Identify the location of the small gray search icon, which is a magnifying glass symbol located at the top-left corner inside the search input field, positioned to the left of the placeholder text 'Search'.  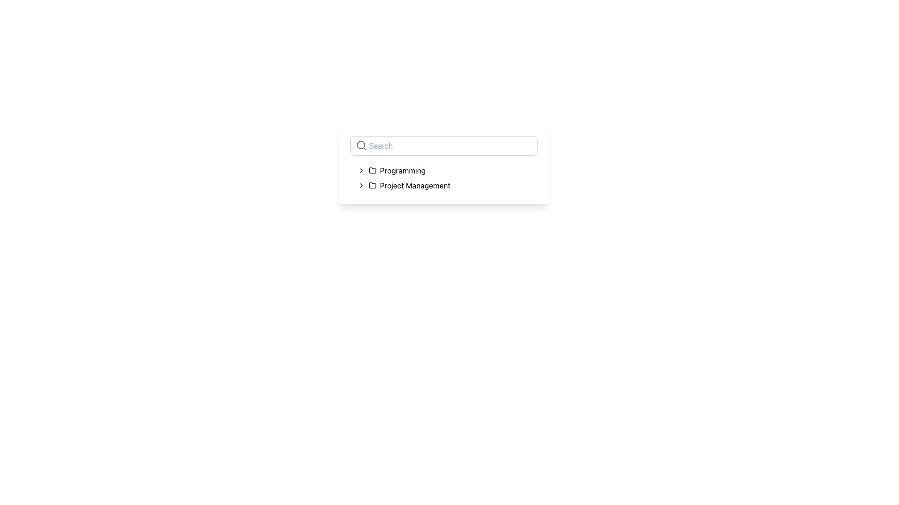
(361, 145).